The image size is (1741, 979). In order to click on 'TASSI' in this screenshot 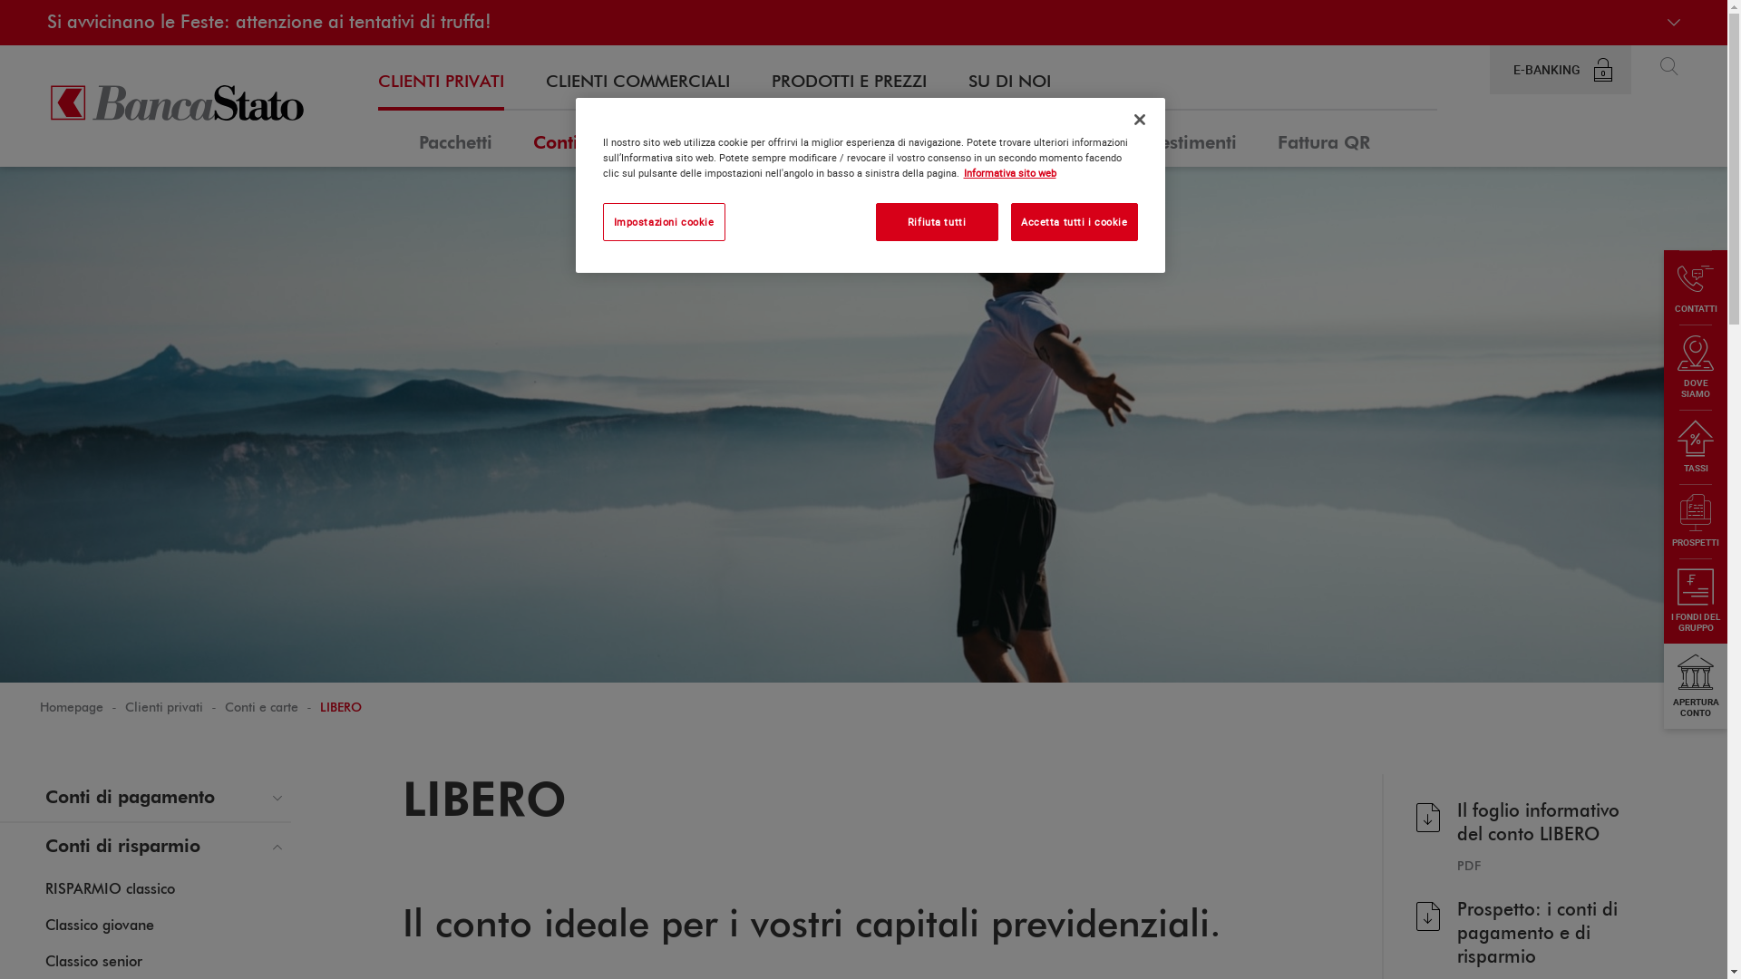, I will do `click(1695, 447)`.